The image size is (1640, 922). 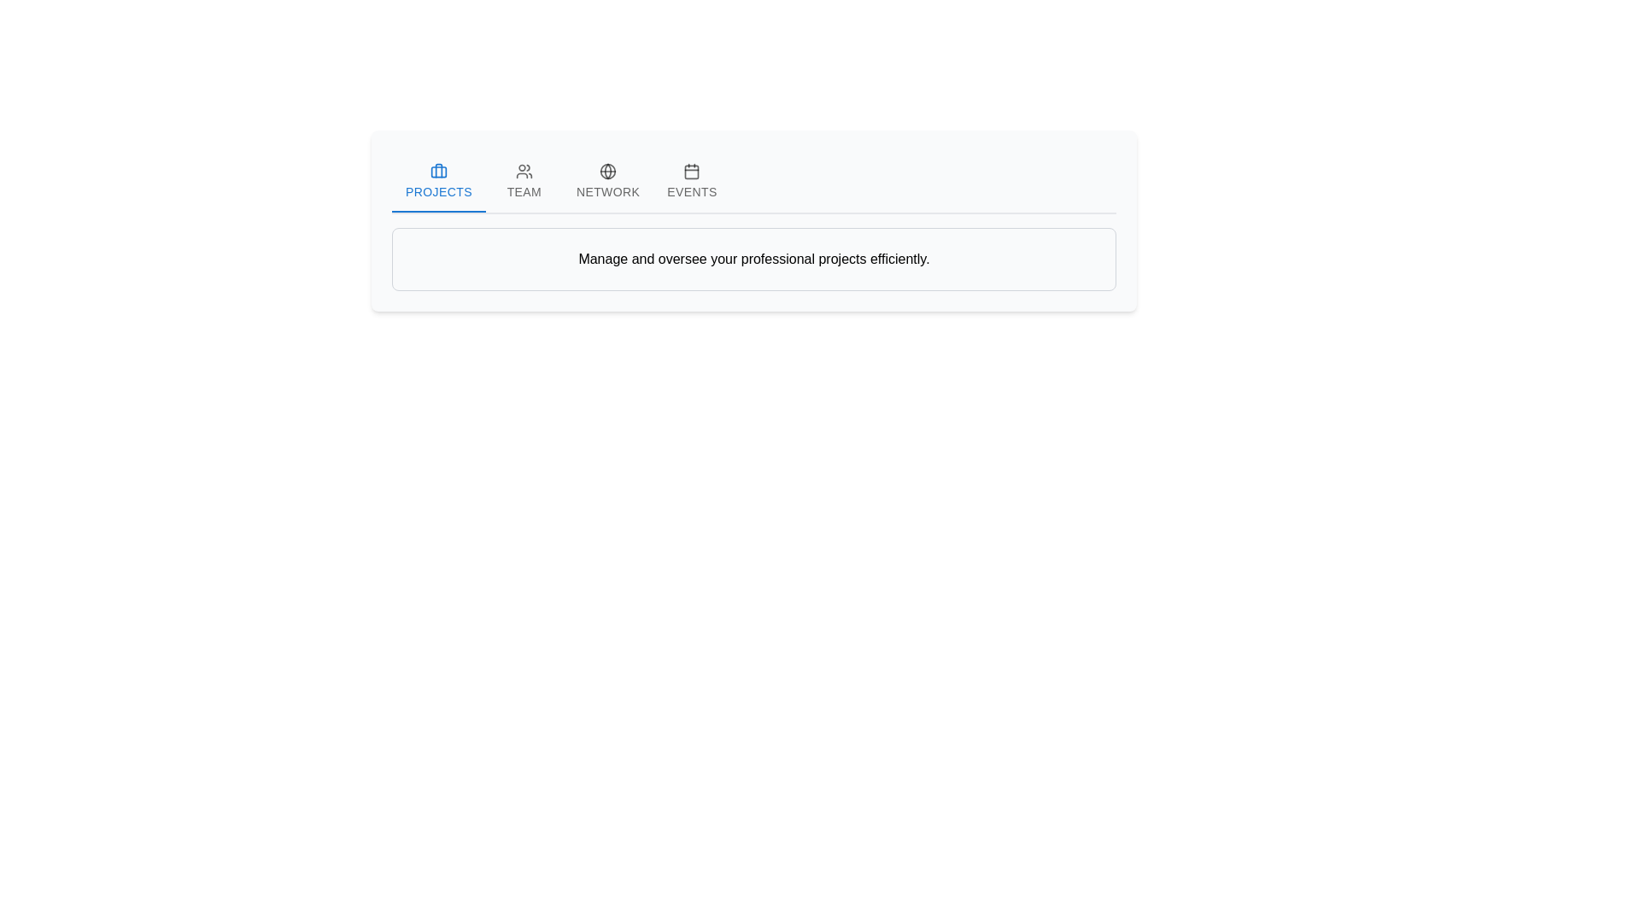 I want to click on the bottom rectangle of the briefcase icon located above the text label 'PROJECTS' in the 'Projects' tab, so click(x=438, y=172).